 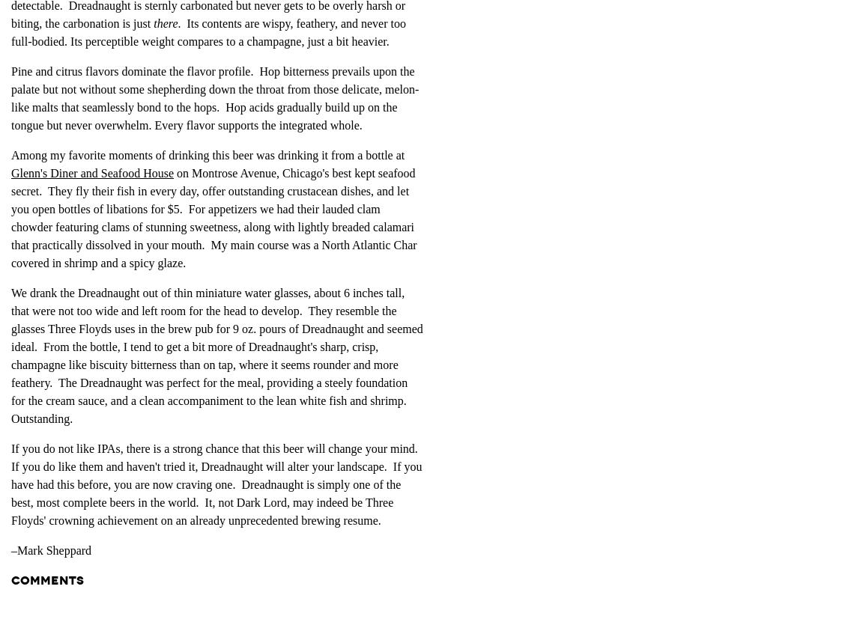 What do you see at coordinates (216, 483) in the screenshot?
I see `'If you do not like IPAs, there is a strong chance that this beer will change your mind.  If you do like them and haven't tried it, Dreadnaught will alter your landscape.  If you have had this before, you are now craving one.  Dreadnaught is simply one of the best, most complete beers in the world.  It, not Dark Lord, may indeed be Three Floyds' crowning achievement on an already unprecedented brewing resume.'` at bounding box center [216, 483].